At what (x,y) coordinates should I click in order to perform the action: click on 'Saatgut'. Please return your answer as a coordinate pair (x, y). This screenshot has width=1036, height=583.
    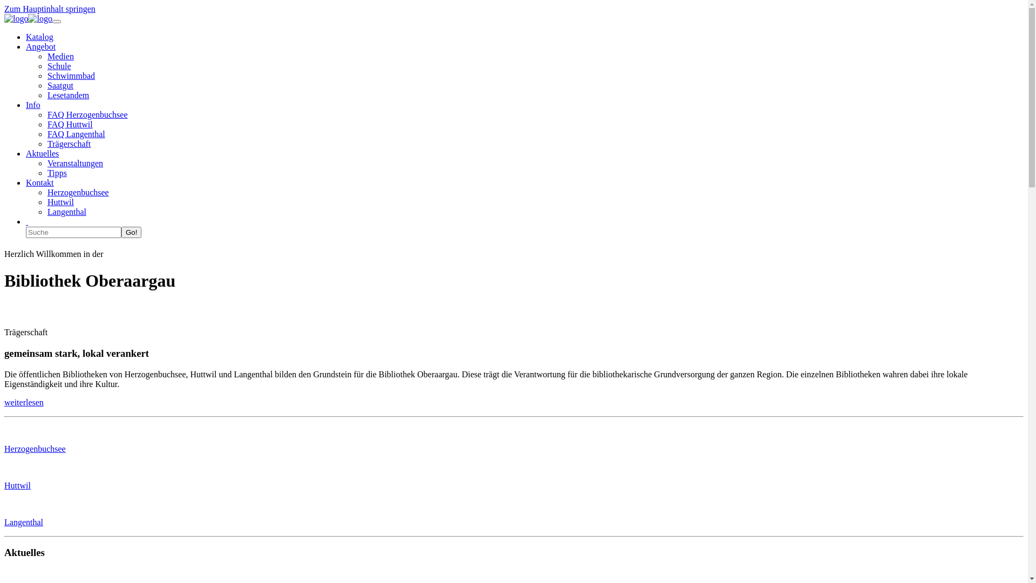
    Looking at the image, I should click on (59, 85).